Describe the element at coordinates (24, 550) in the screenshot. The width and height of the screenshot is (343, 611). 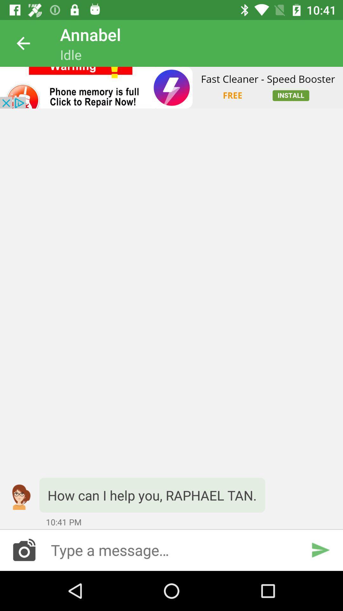
I see `the photo icon` at that location.